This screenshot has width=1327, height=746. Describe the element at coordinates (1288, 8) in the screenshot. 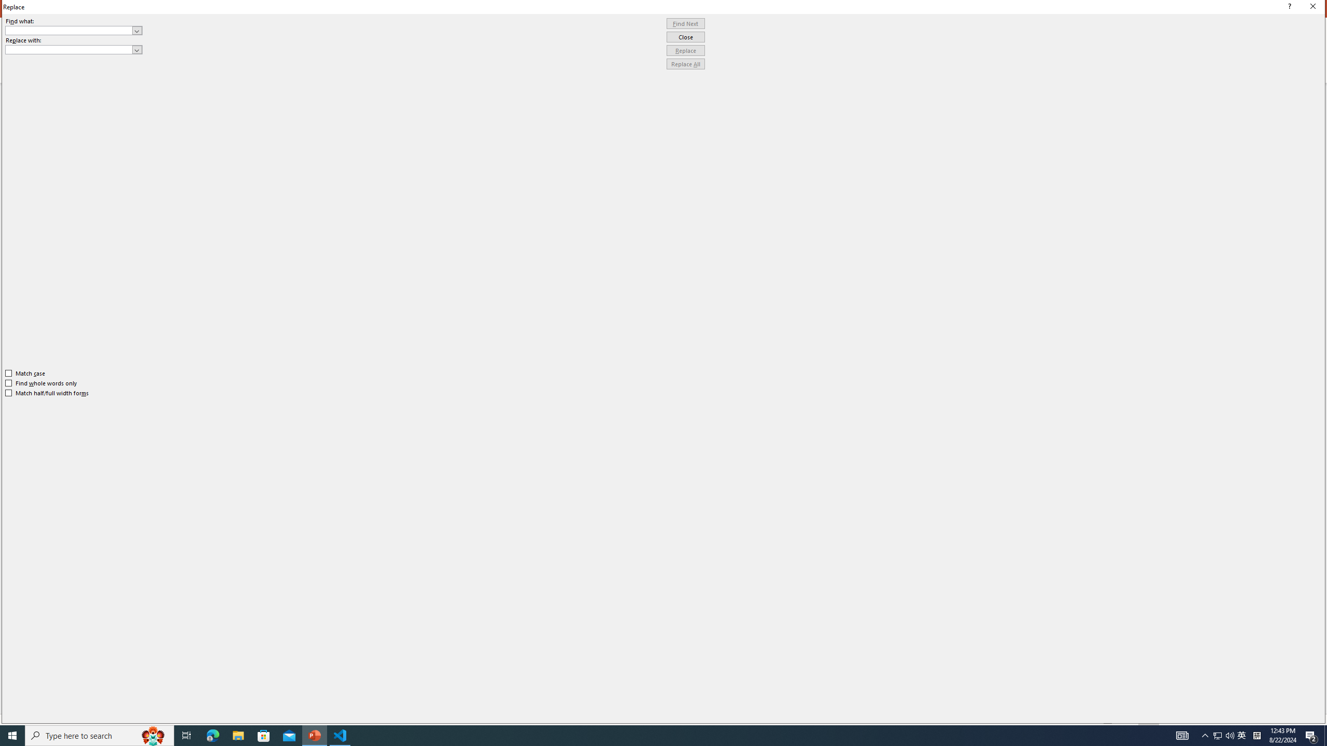

I see `'Context help'` at that location.